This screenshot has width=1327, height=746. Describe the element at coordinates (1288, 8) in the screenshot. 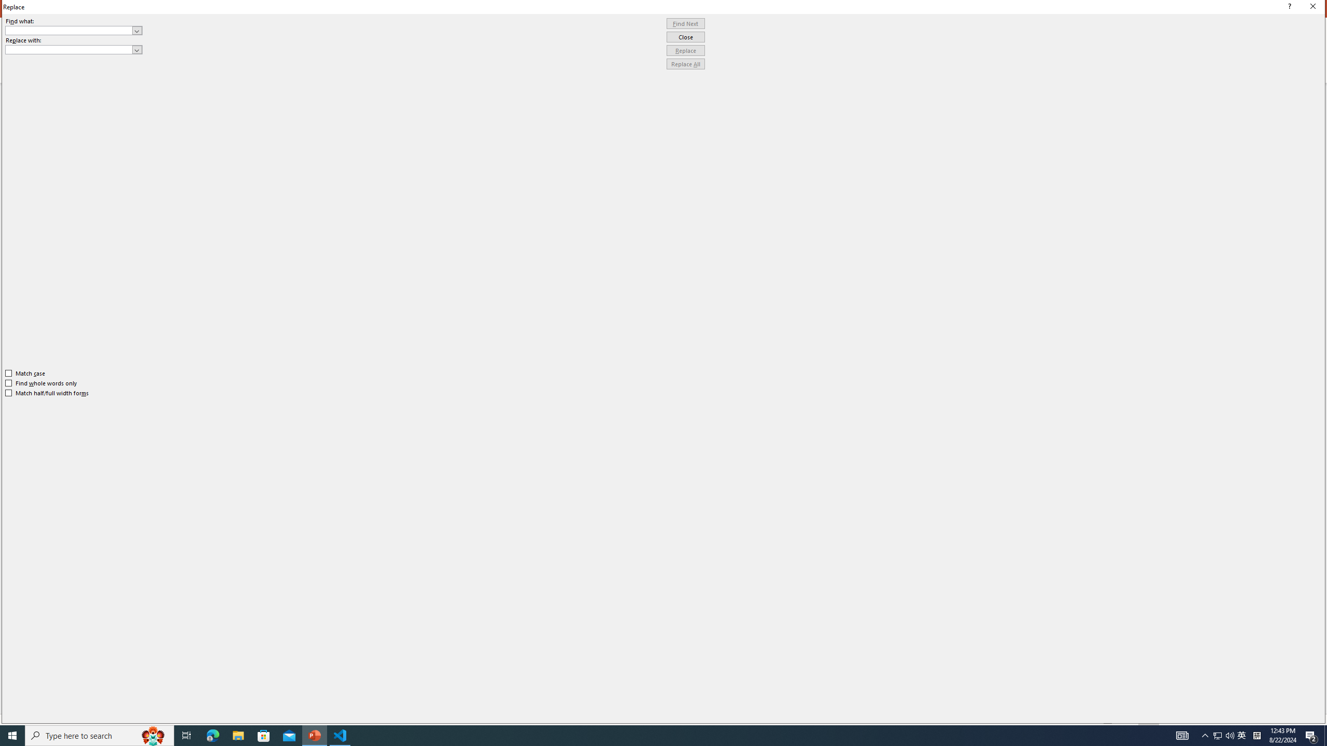

I see `'Context help'` at that location.